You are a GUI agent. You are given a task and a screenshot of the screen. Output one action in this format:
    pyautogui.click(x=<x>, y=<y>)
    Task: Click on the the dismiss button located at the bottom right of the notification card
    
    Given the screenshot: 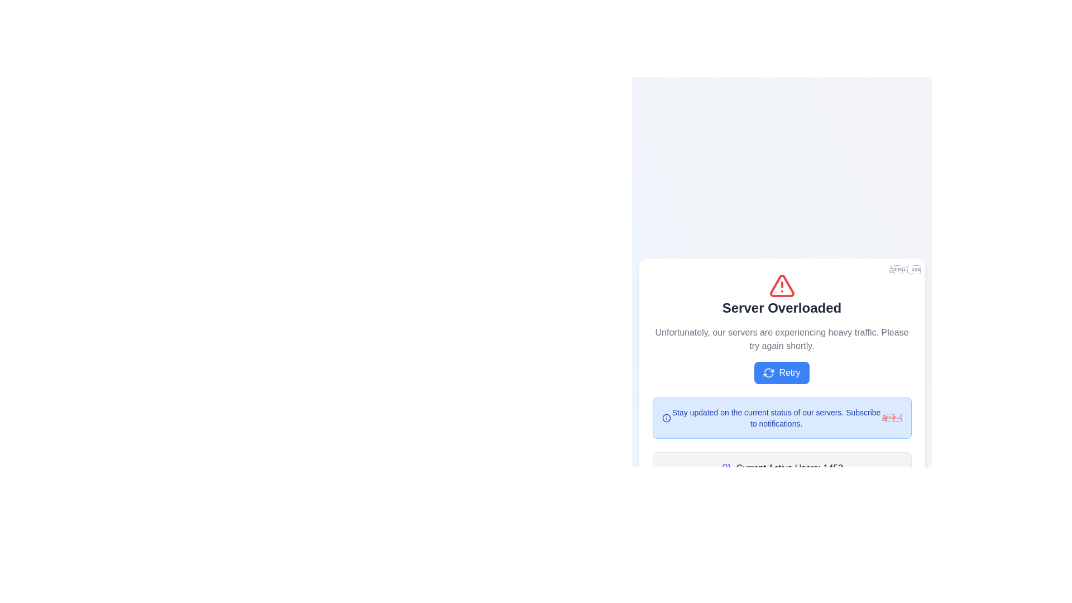 What is the action you would take?
    pyautogui.click(x=891, y=418)
    